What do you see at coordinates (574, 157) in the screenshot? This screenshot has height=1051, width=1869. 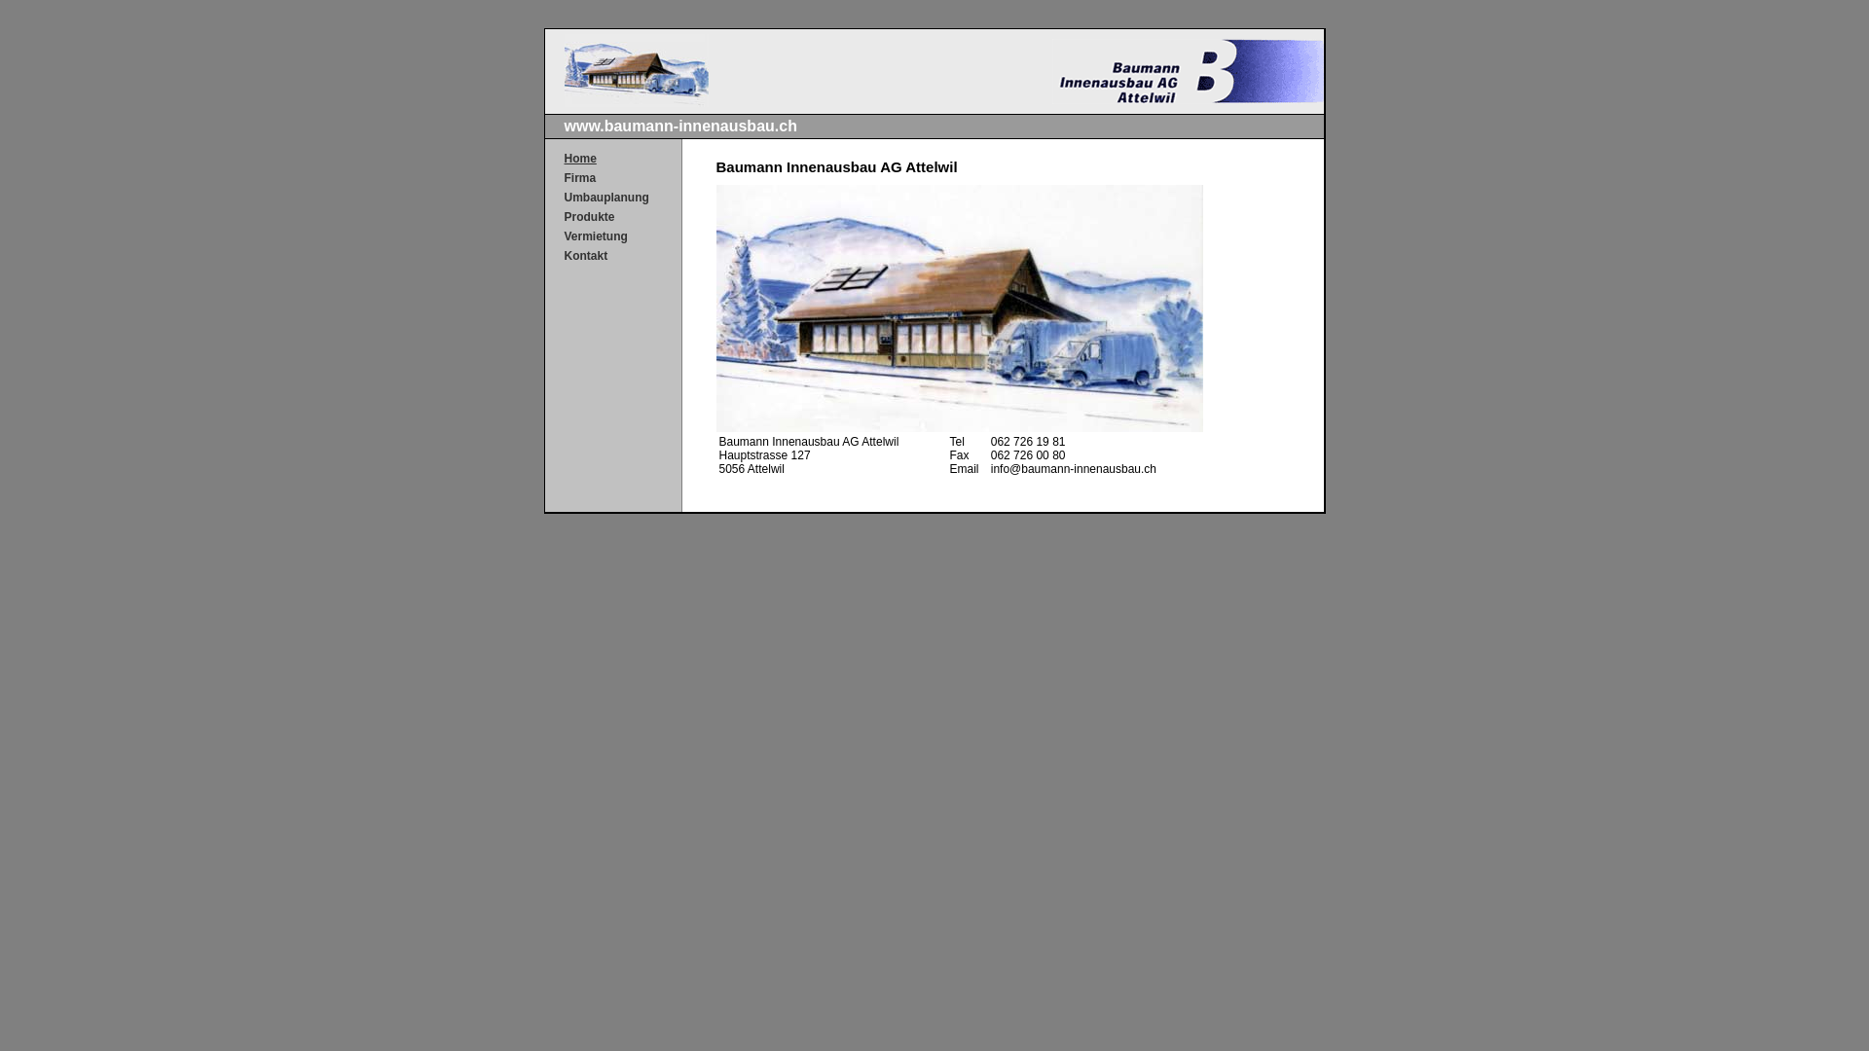 I see `'Home'` at bounding box center [574, 157].